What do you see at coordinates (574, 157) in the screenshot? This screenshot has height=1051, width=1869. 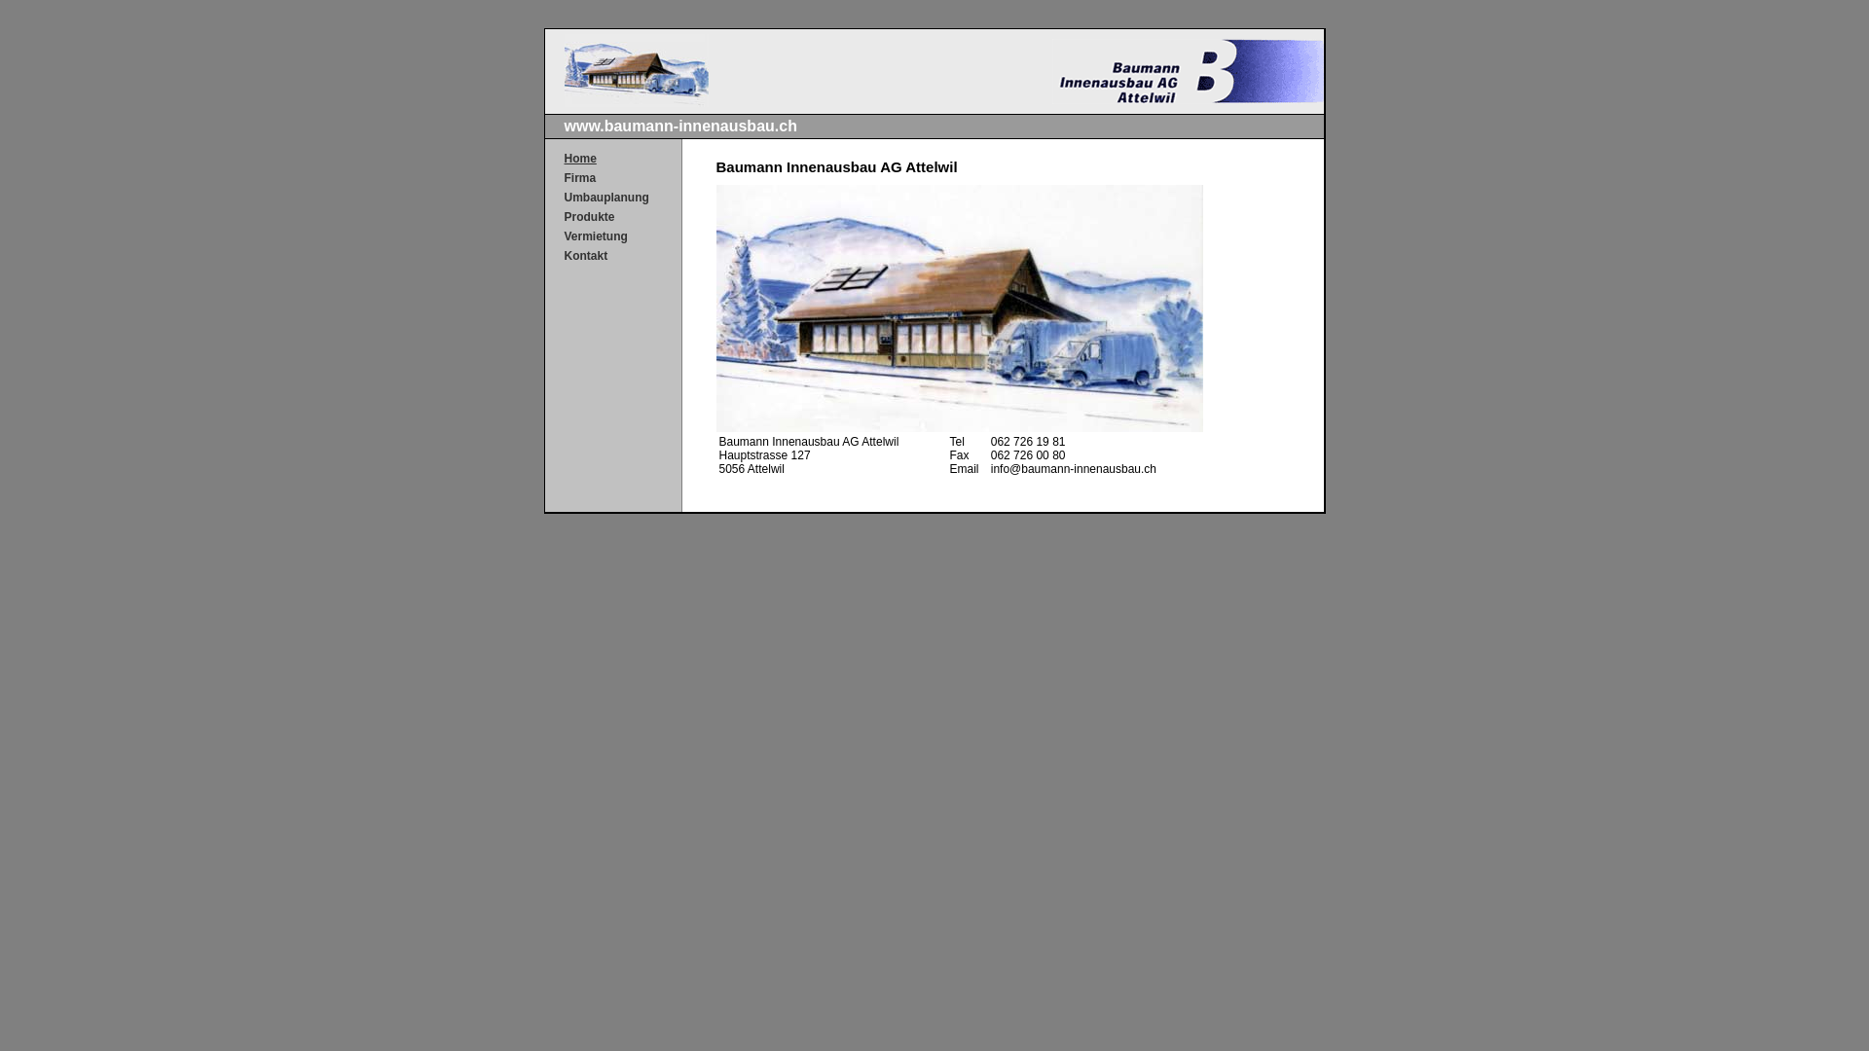 I see `'Home'` at bounding box center [574, 157].